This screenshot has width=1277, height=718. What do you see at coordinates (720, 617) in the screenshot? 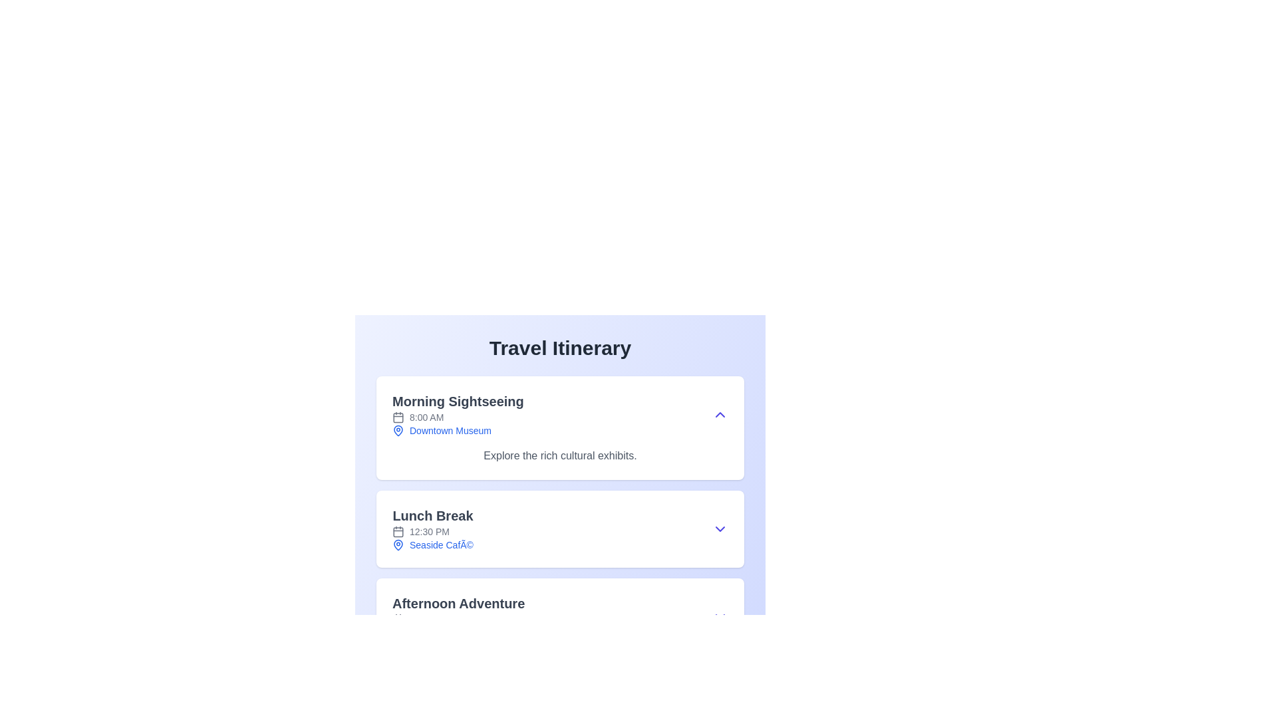
I see `the toggle button (expand/collapse) located at the far-right end of the 'Afternoon Adventure' section` at bounding box center [720, 617].